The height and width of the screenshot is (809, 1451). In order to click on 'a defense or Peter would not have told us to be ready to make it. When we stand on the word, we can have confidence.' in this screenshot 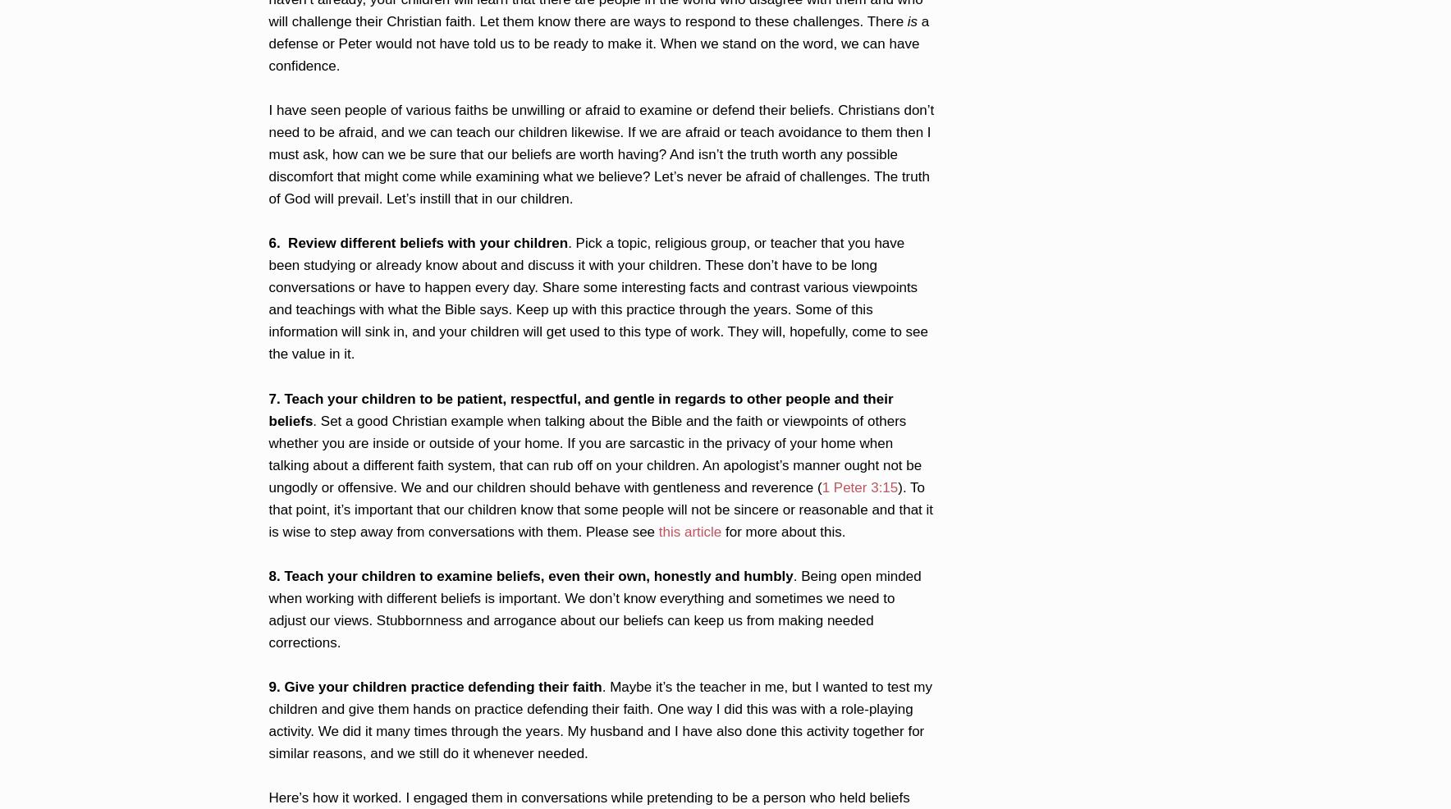, I will do `click(598, 42)`.